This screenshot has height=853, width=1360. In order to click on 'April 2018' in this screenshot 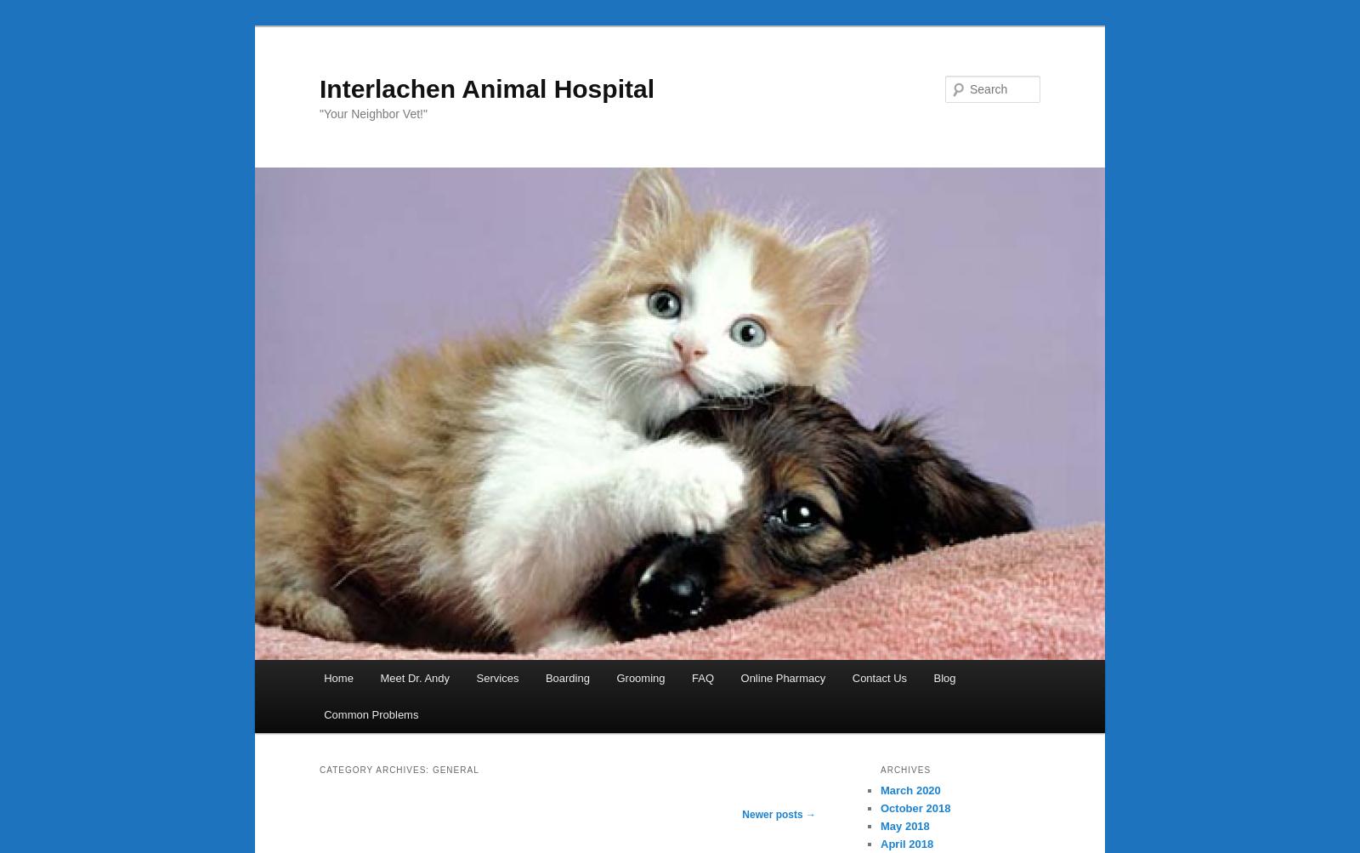, I will do `click(907, 843)`.